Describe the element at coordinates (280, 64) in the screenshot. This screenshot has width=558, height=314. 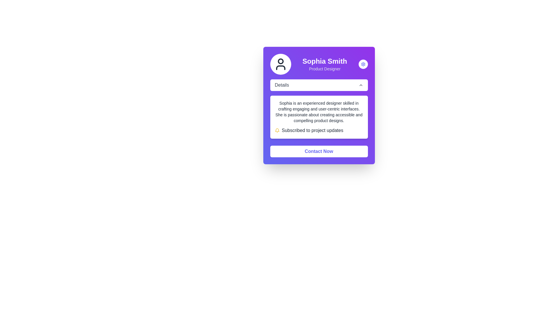
I see `the profile icon located in the top-left corner of the profile widget, which serves as a visual representation of a user or profile` at that location.